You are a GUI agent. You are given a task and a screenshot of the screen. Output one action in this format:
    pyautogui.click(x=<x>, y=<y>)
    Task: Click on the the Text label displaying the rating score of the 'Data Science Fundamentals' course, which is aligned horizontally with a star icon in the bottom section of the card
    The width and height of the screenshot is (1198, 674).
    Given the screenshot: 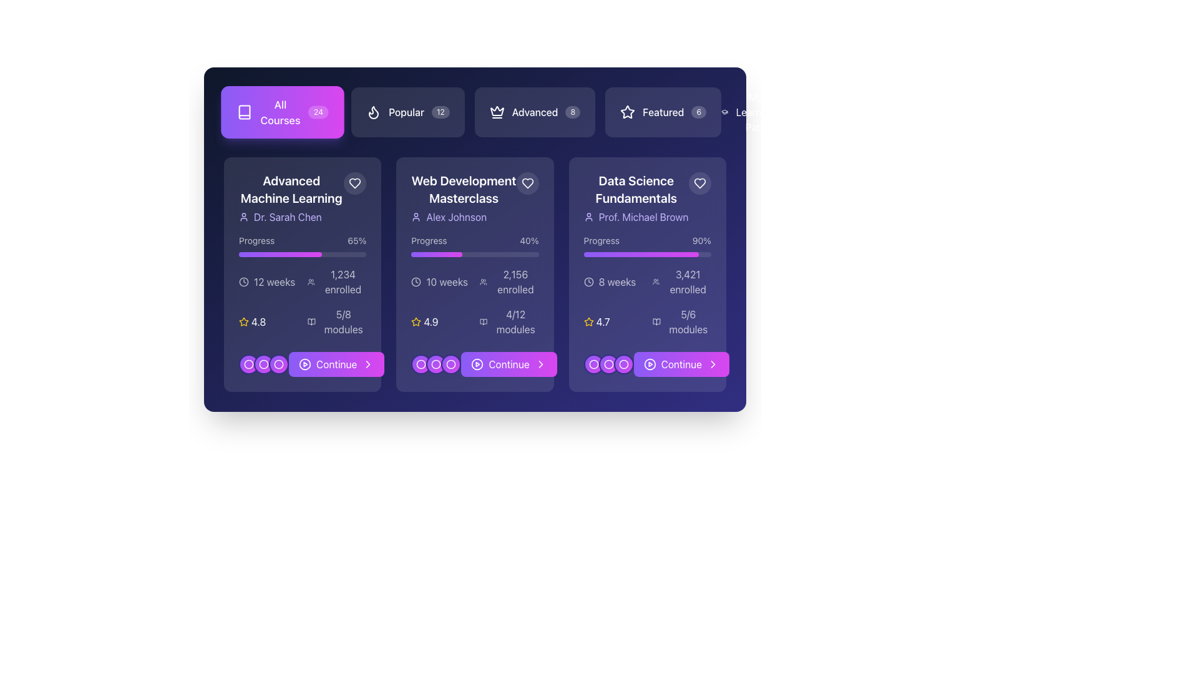 What is the action you would take?
    pyautogui.click(x=603, y=321)
    